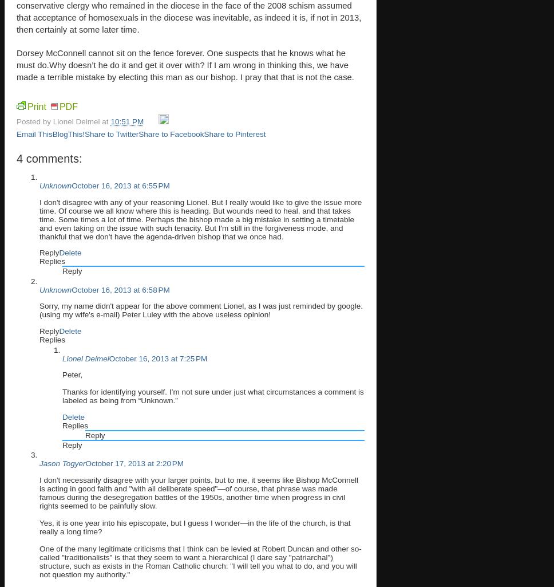  Describe the element at coordinates (120, 289) in the screenshot. I see `'October 16, 2013 at 6:58 PM'` at that location.